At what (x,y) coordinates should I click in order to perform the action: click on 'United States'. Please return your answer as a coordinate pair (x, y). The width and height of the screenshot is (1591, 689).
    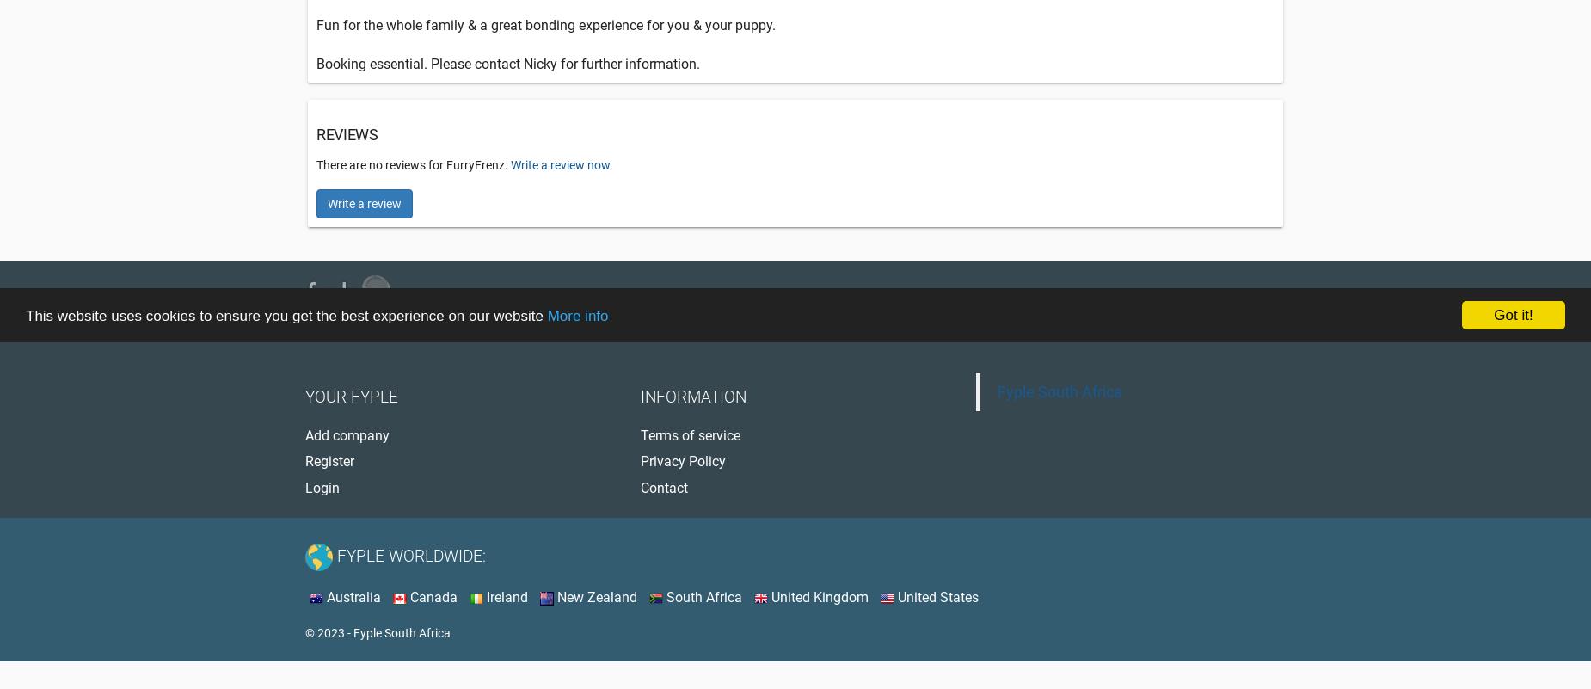
    Looking at the image, I should click on (894, 596).